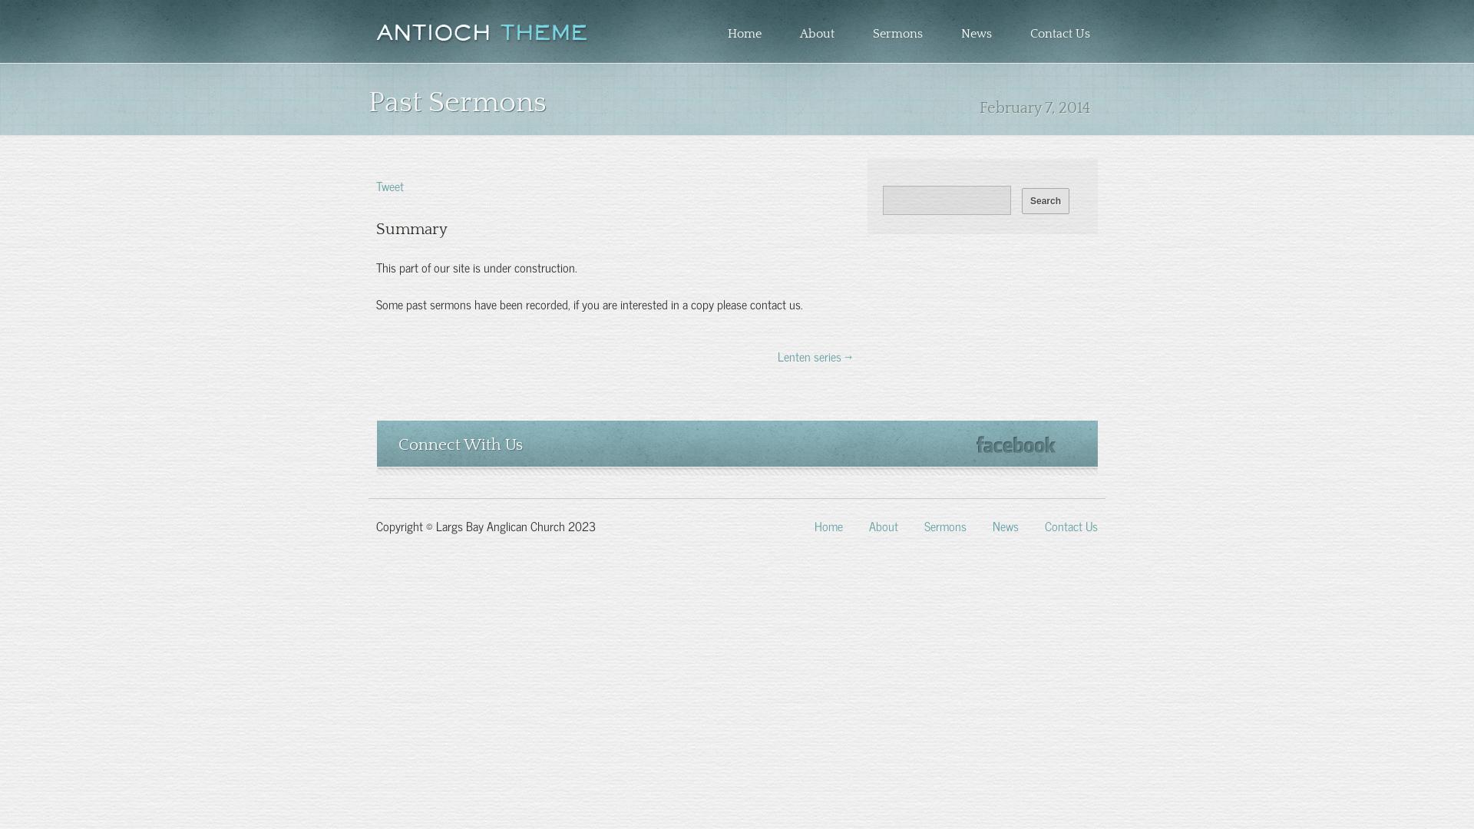 Image resolution: width=1474 pixels, height=829 pixels. What do you see at coordinates (816, 33) in the screenshot?
I see `'About'` at bounding box center [816, 33].